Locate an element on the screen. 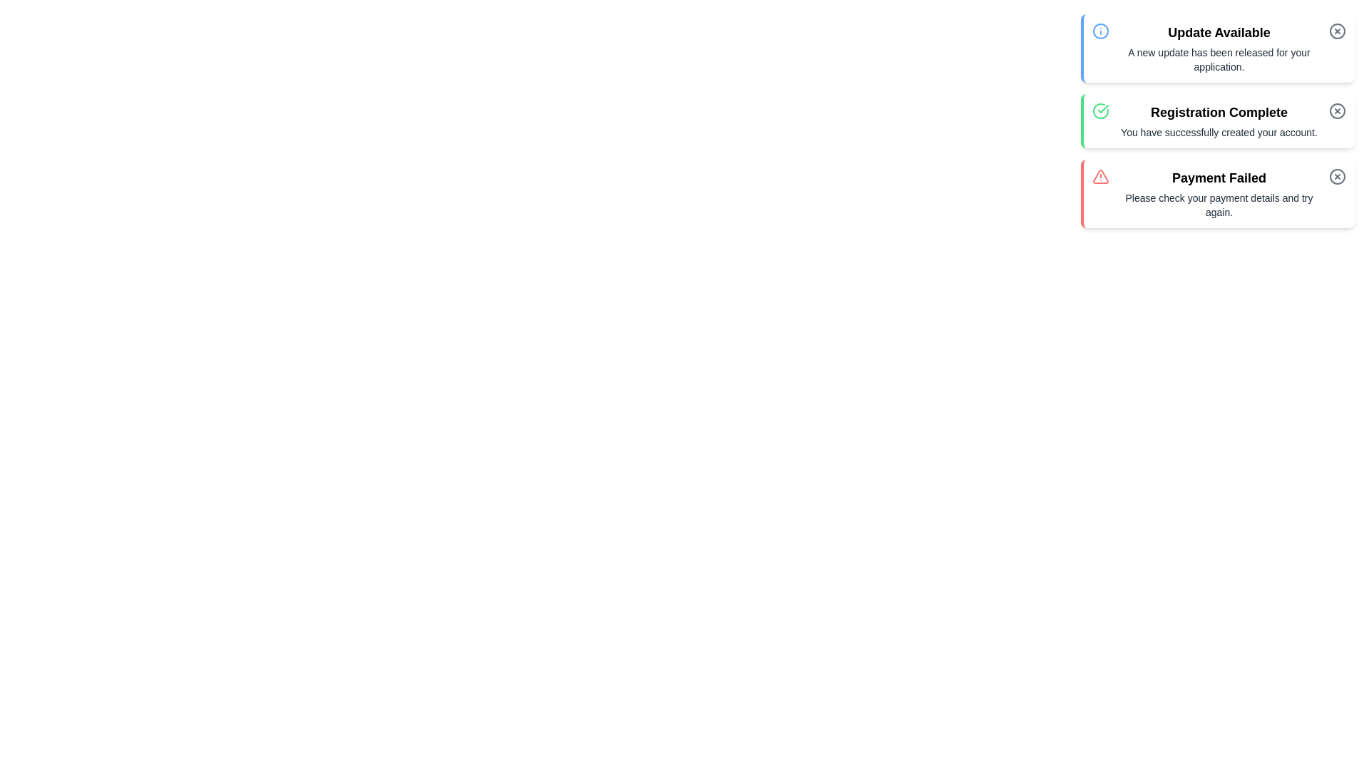 The height and width of the screenshot is (770, 1369). the 'Registration Complete' status text label located in the middle notification box of the vertical stack of notifications is located at coordinates (1218, 112).